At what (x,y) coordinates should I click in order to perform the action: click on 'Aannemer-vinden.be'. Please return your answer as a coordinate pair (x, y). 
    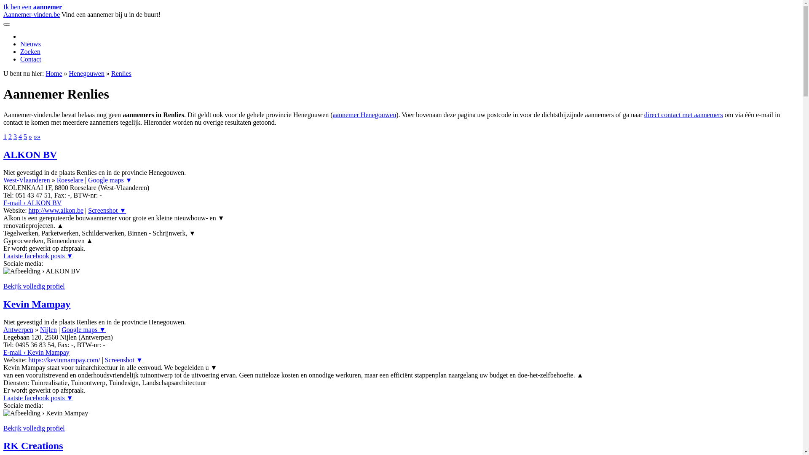
    Looking at the image, I should click on (3, 14).